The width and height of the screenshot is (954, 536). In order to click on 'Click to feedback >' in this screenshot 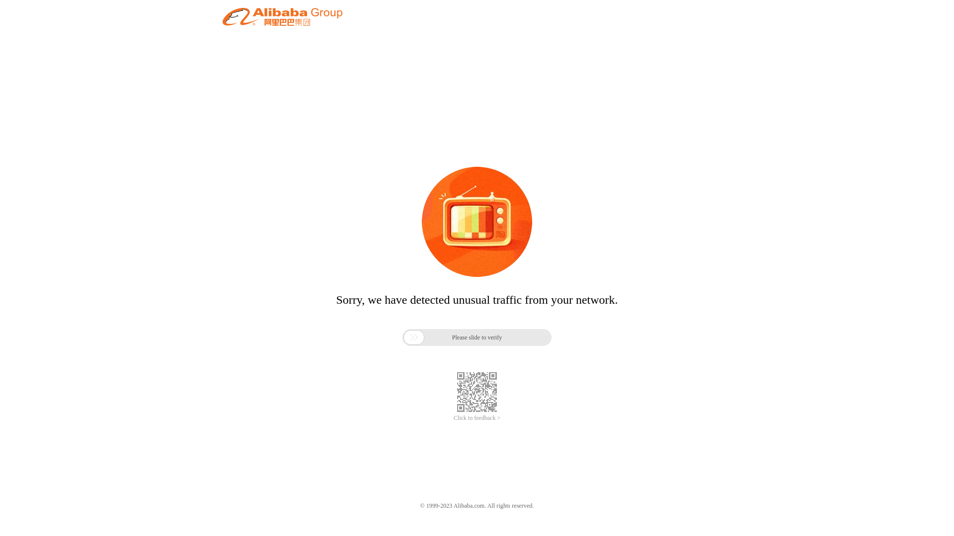, I will do `click(477, 418)`.